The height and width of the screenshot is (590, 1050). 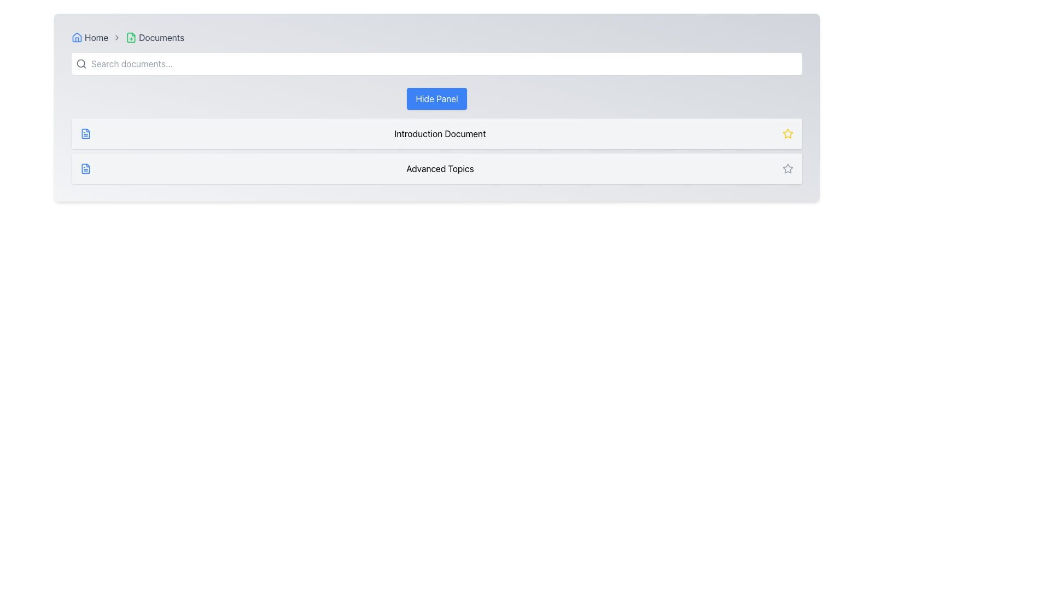 I want to click on the file/document icon in the breadcrumb navigation bar, so click(x=131, y=37).